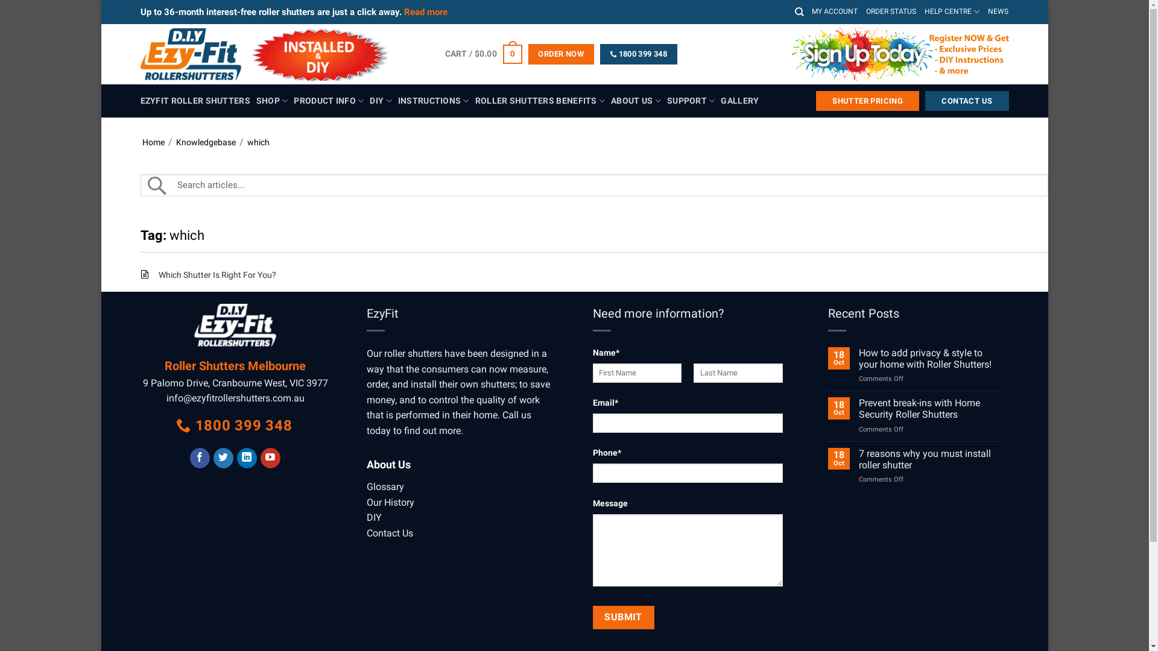  Describe the element at coordinates (189, 458) in the screenshot. I see `'Follow on Facebook'` at that location.